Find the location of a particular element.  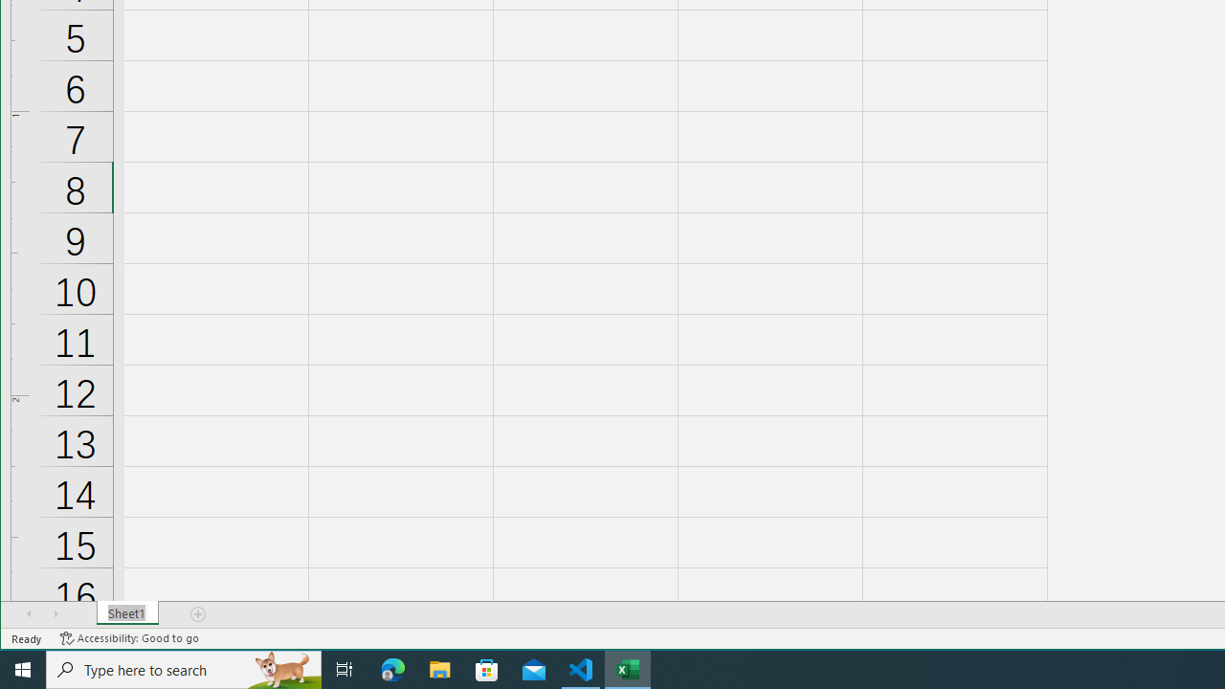

'Microsoft Edge' is located at coordinates (392, 668).